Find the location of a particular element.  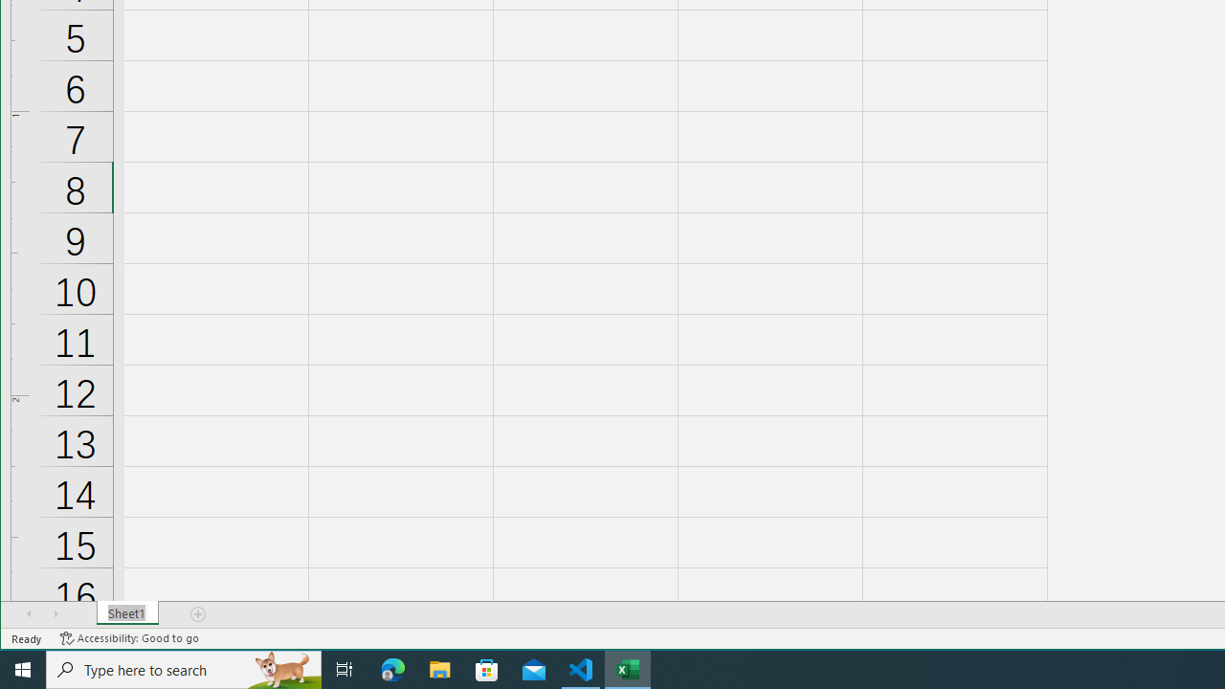

'Microsoft Edge' is located at coordinates (392, 668).